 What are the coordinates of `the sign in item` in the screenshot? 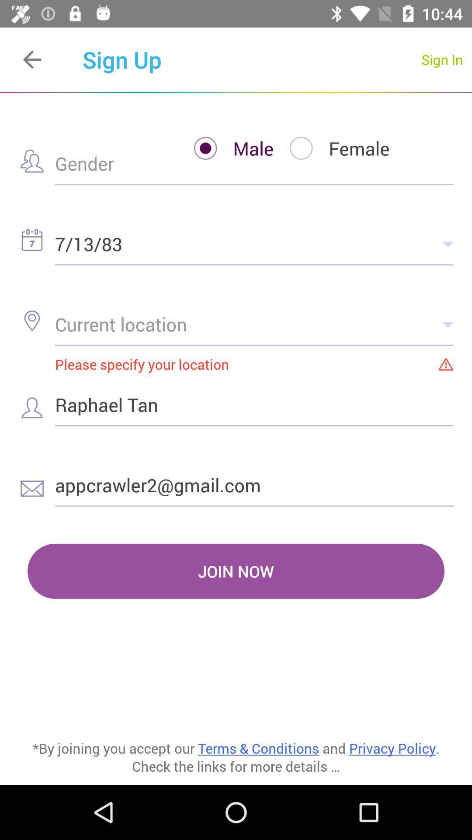 It's located at (442, 59).